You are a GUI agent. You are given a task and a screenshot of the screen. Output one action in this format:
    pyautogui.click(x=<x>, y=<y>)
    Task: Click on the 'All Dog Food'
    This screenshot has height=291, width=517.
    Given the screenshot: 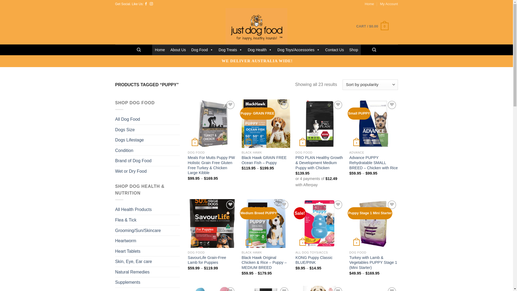 What is the action you would take?
    pyautogui.click(x=127, y=119)
    